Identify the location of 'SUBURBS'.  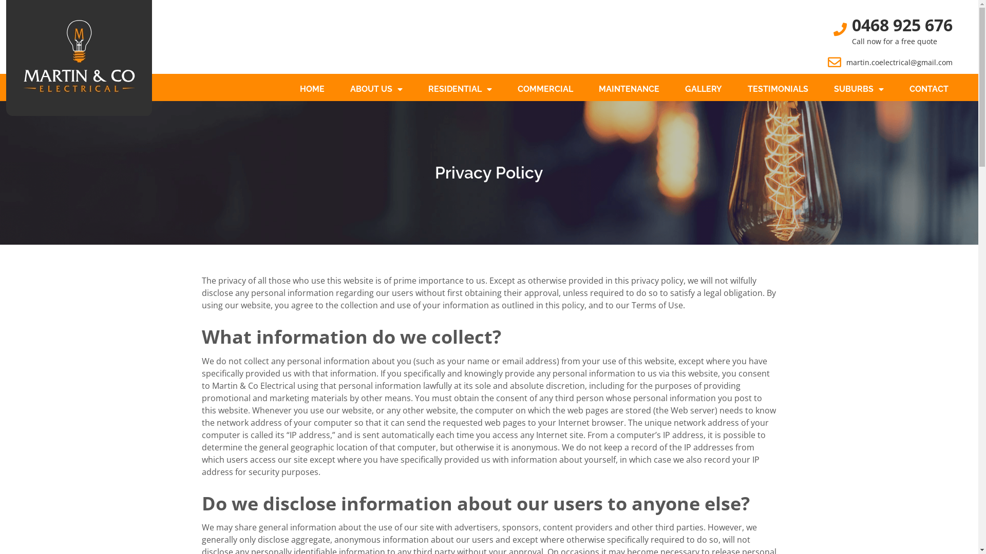
(859, 88).